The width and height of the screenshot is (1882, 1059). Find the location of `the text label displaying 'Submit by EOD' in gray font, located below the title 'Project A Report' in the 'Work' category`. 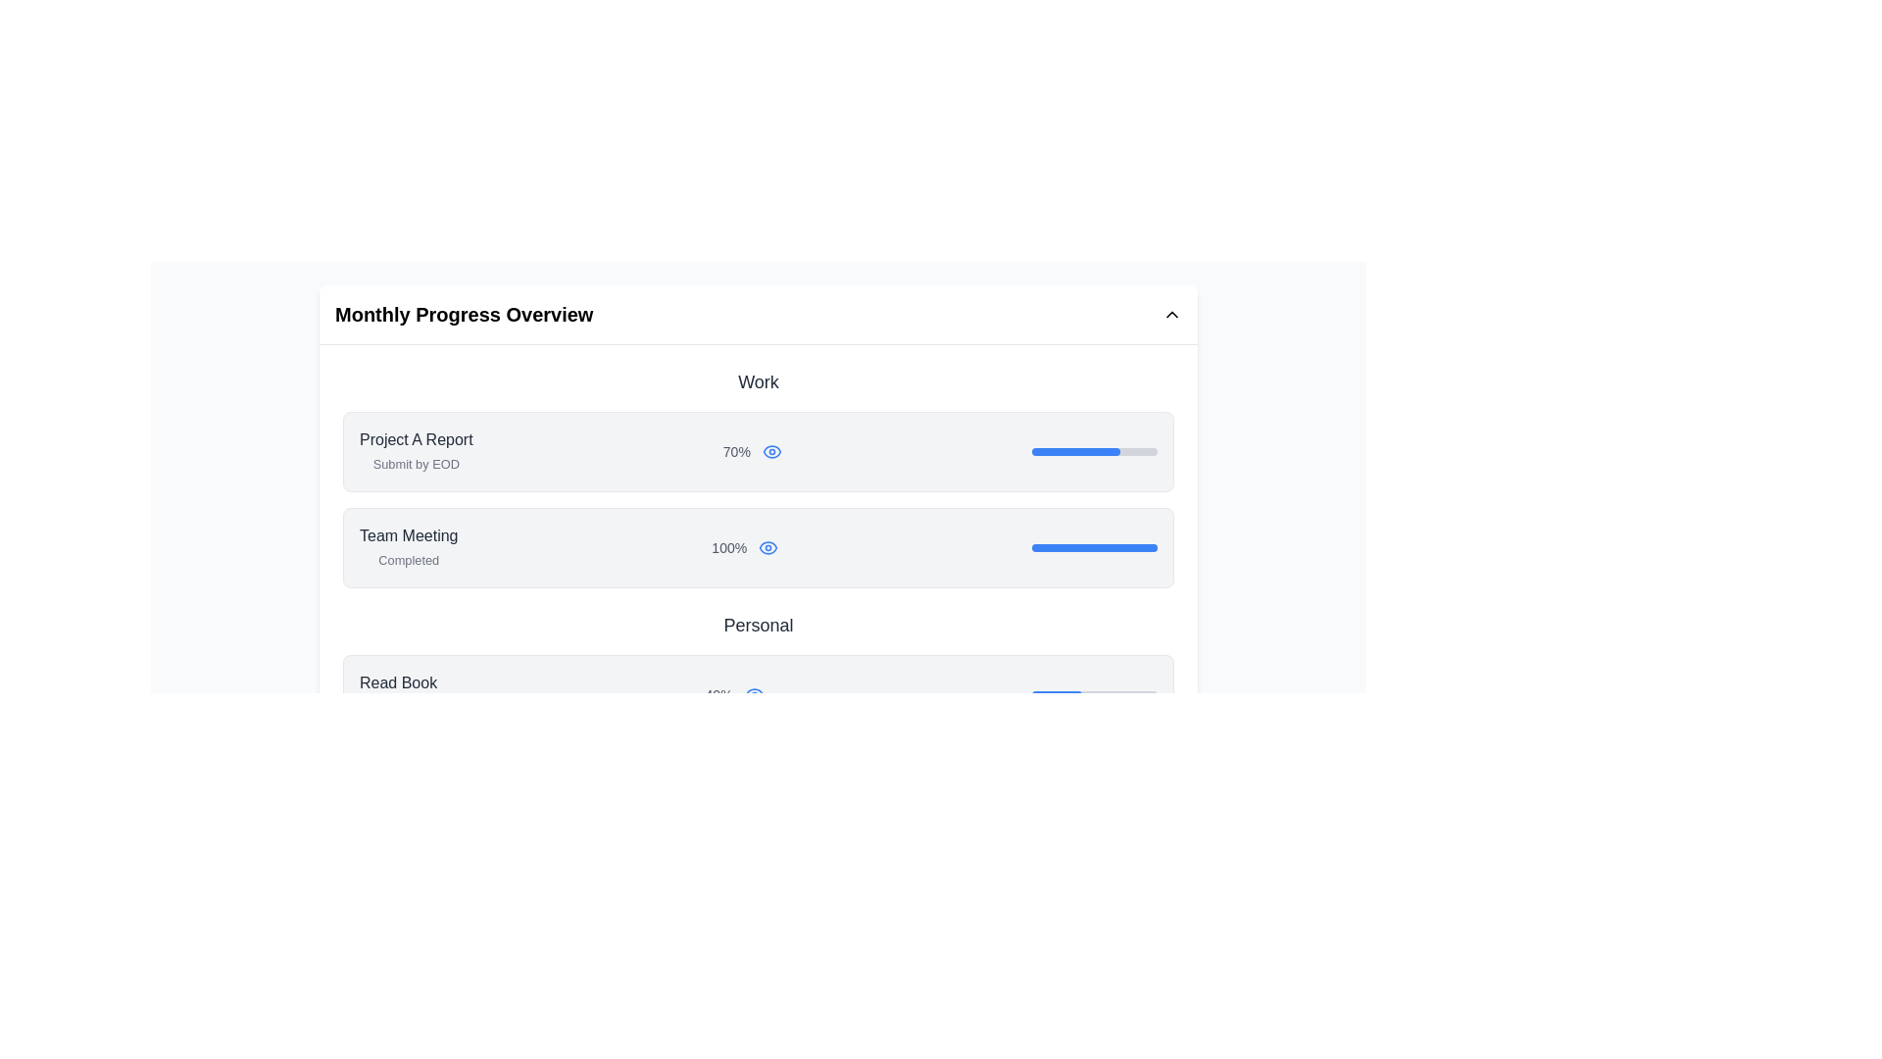

the text label displaying 'Submit by EOD' in gray font, located below the title 'Project A Report' in the 'Work' category is located at coordinates (415, 464).